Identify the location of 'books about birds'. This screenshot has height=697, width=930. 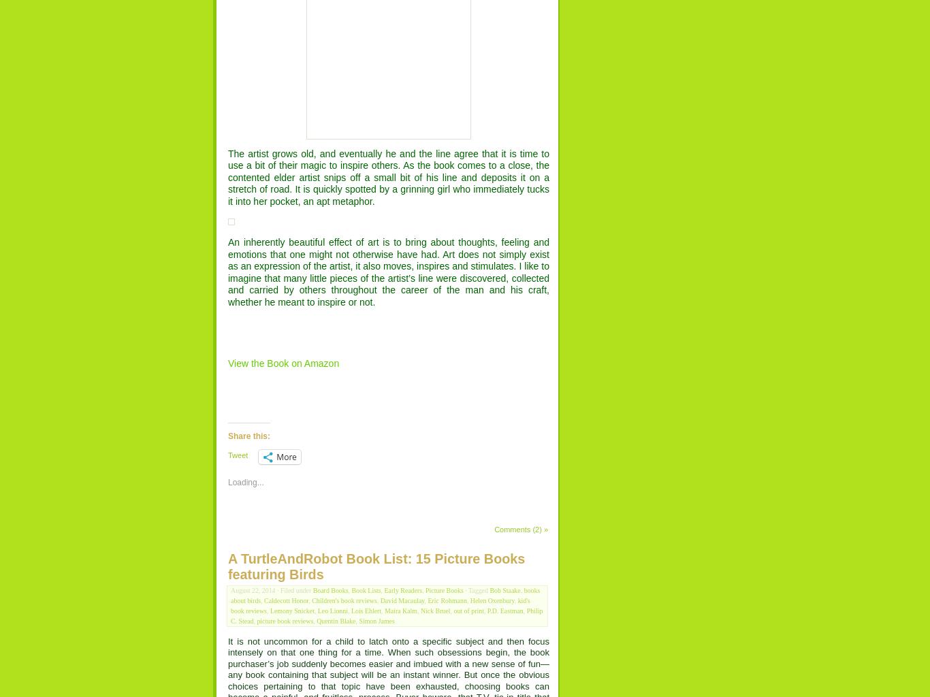
(231, 595).